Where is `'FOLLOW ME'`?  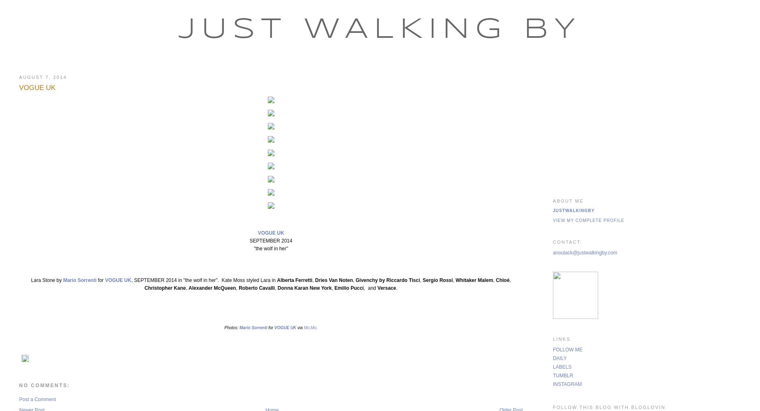 'FOLLOW ME' is located at coordinates (567, 349).